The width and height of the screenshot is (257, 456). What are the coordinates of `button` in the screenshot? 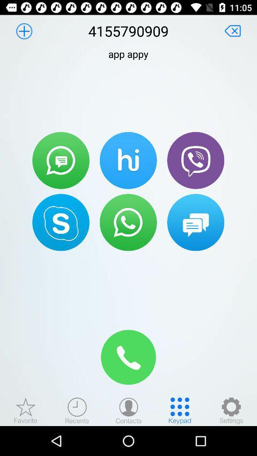 It's located at (232, 31).